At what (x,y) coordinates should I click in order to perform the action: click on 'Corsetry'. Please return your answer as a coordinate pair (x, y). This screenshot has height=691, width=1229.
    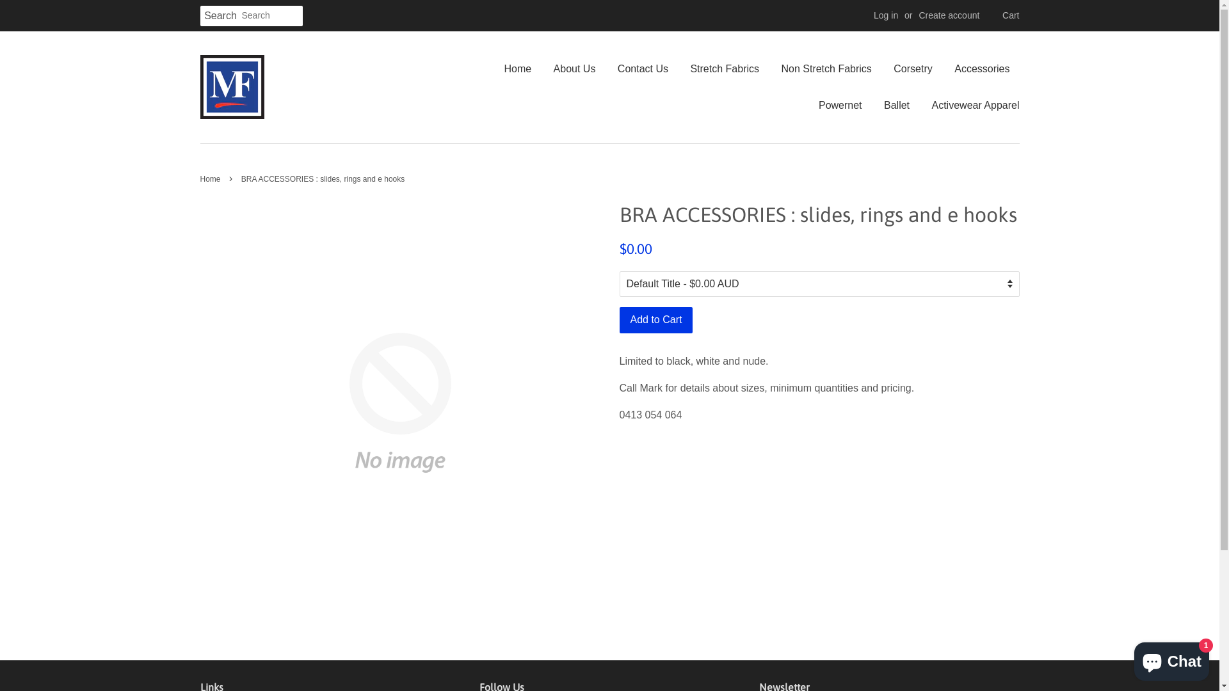
    Looking at the image, I should click on (912, 68).